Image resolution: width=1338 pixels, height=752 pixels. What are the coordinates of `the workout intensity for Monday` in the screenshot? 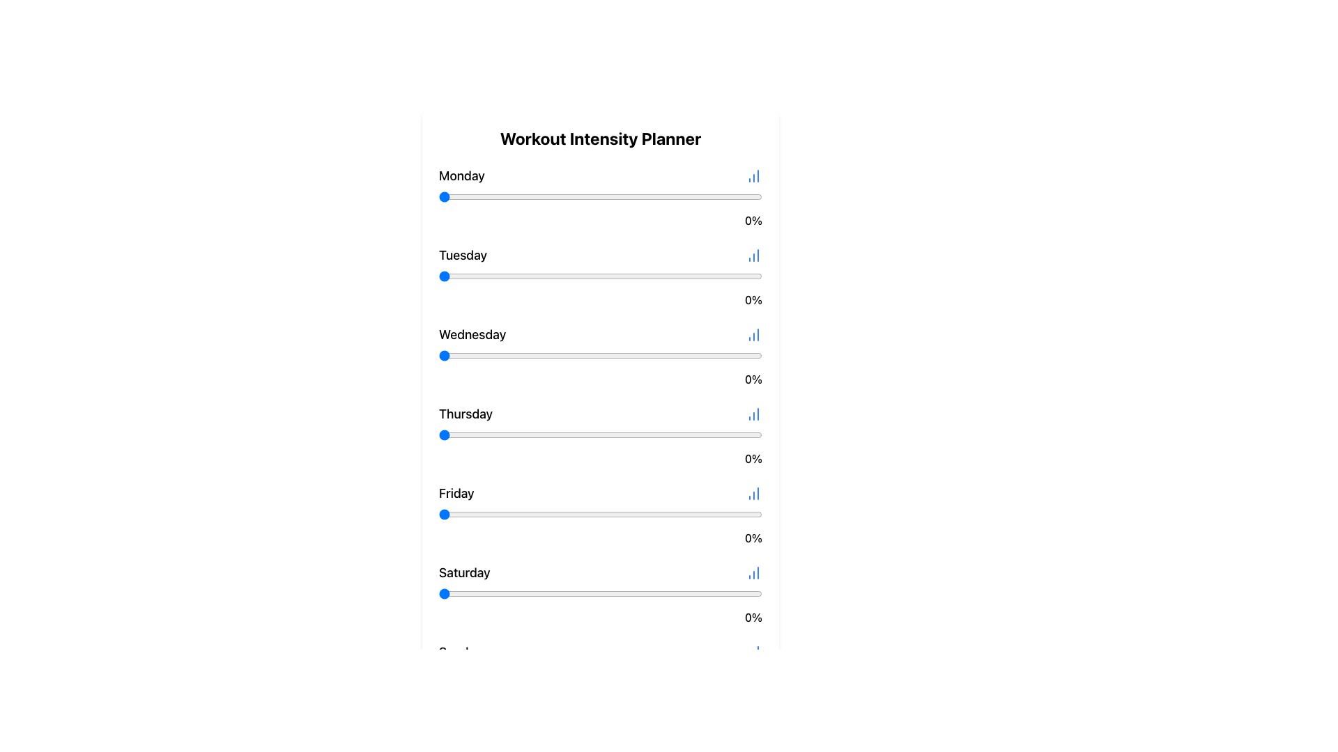 It's located at (742, 196).